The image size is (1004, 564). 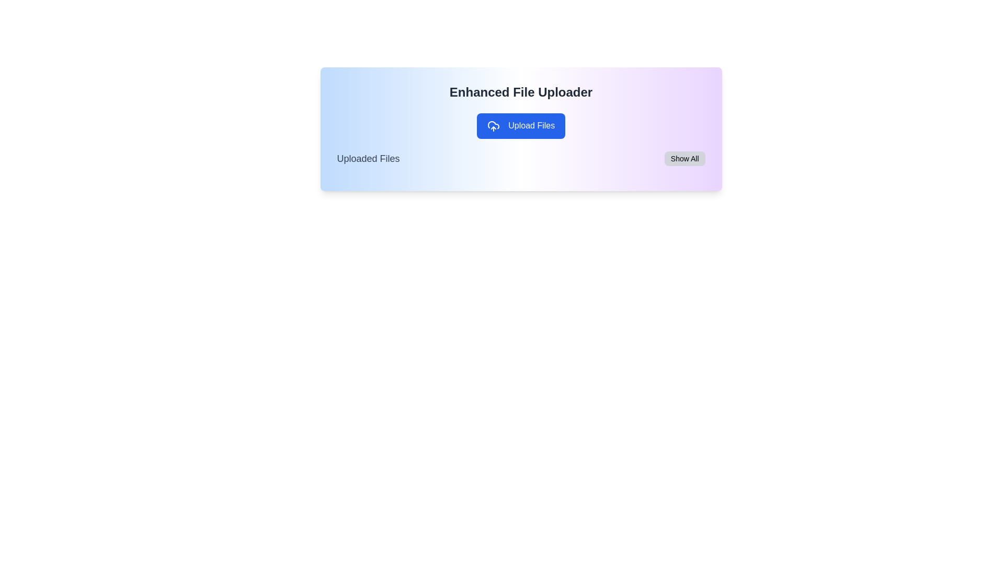 What do you see at coordinates (684, 158) in the screenshot?
I see `the 'Show All' button in the 'Uploaded Files' section to trigger the hover effect` at bounding box center [684, 158].